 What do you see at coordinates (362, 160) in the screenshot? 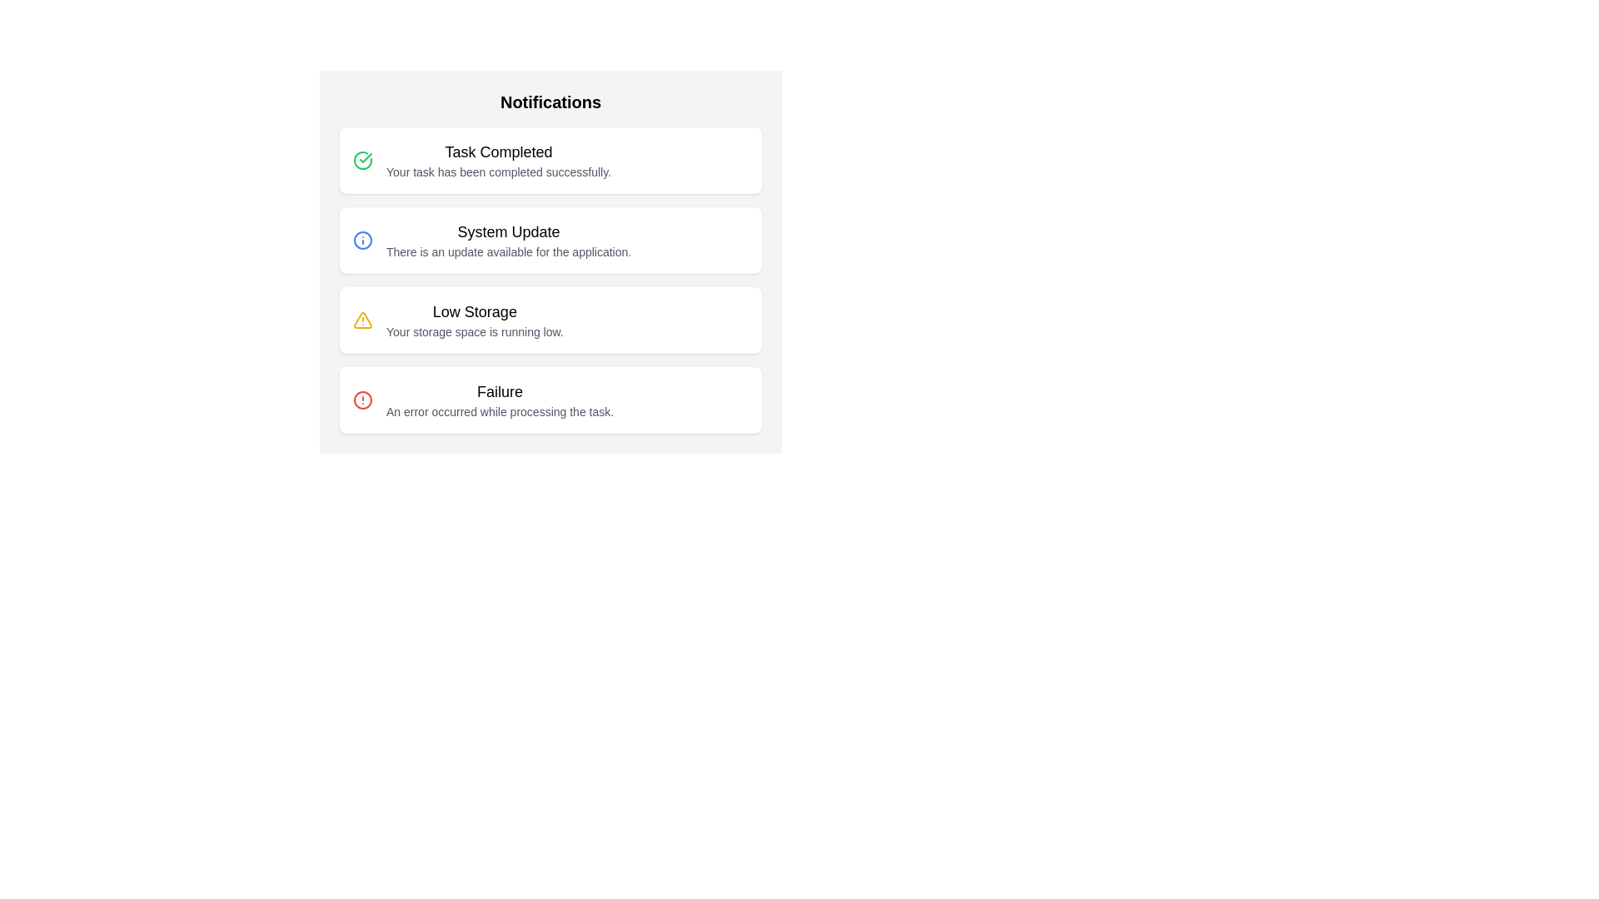
I see `the completion icon located to the left of the 'Task Completed' text within the notification card` at bounding box center [362, 160].